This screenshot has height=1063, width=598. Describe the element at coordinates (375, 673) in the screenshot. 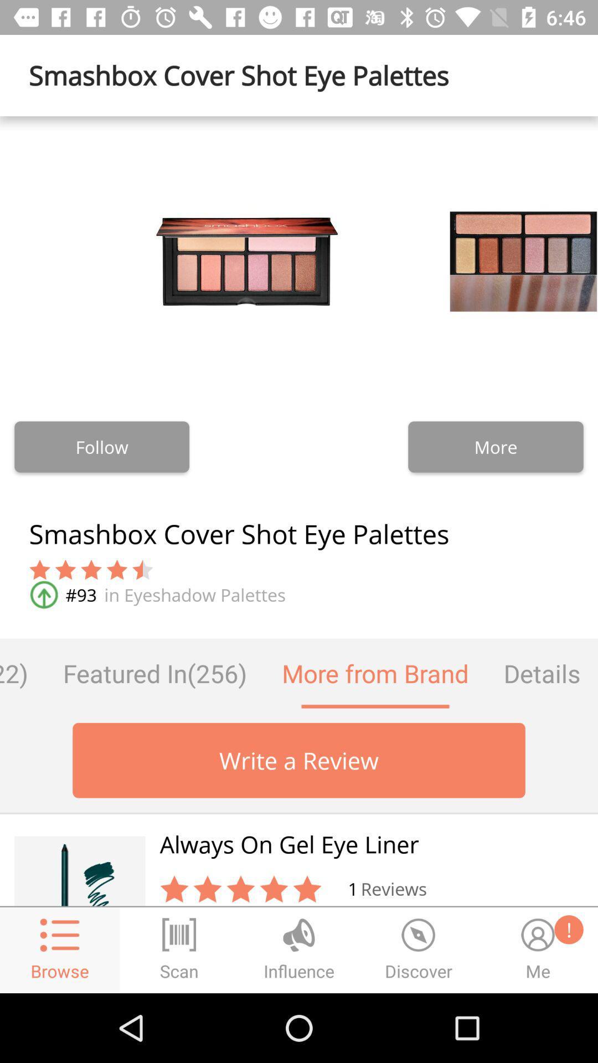

I see `item next to details item` at that location.